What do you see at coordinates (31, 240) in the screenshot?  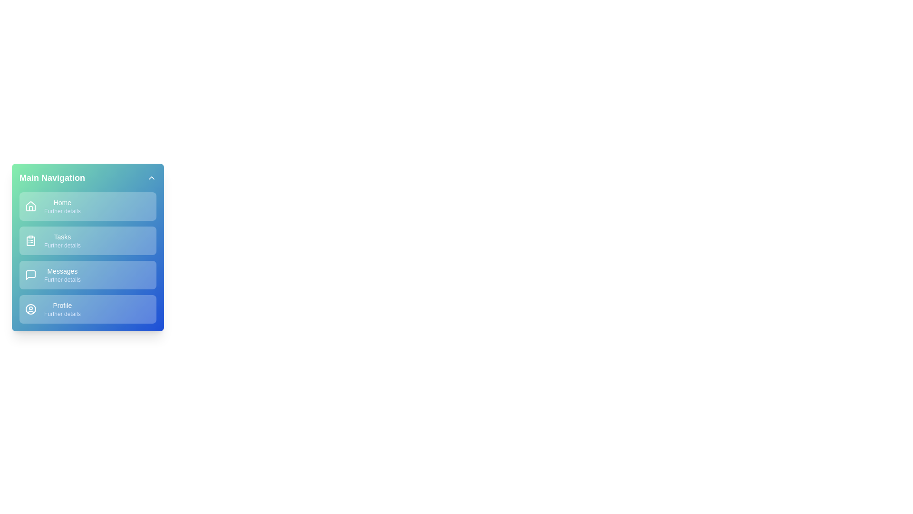 I see `the icon of the menu item labeled Tasks` at bounding box center [31, 240].